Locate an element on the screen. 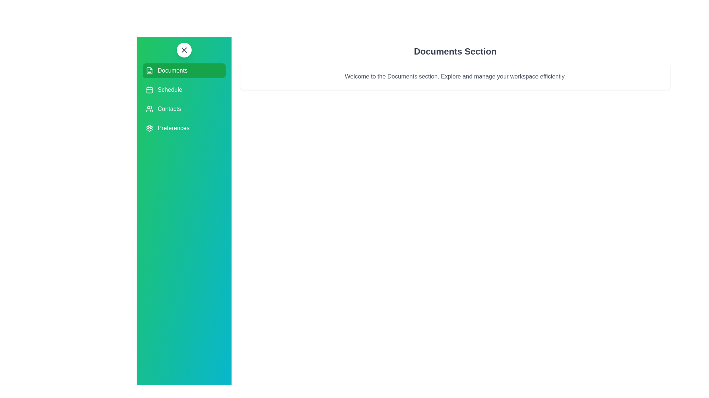  the toggle button to open or close the drawer is located at coordinates (184, 50).